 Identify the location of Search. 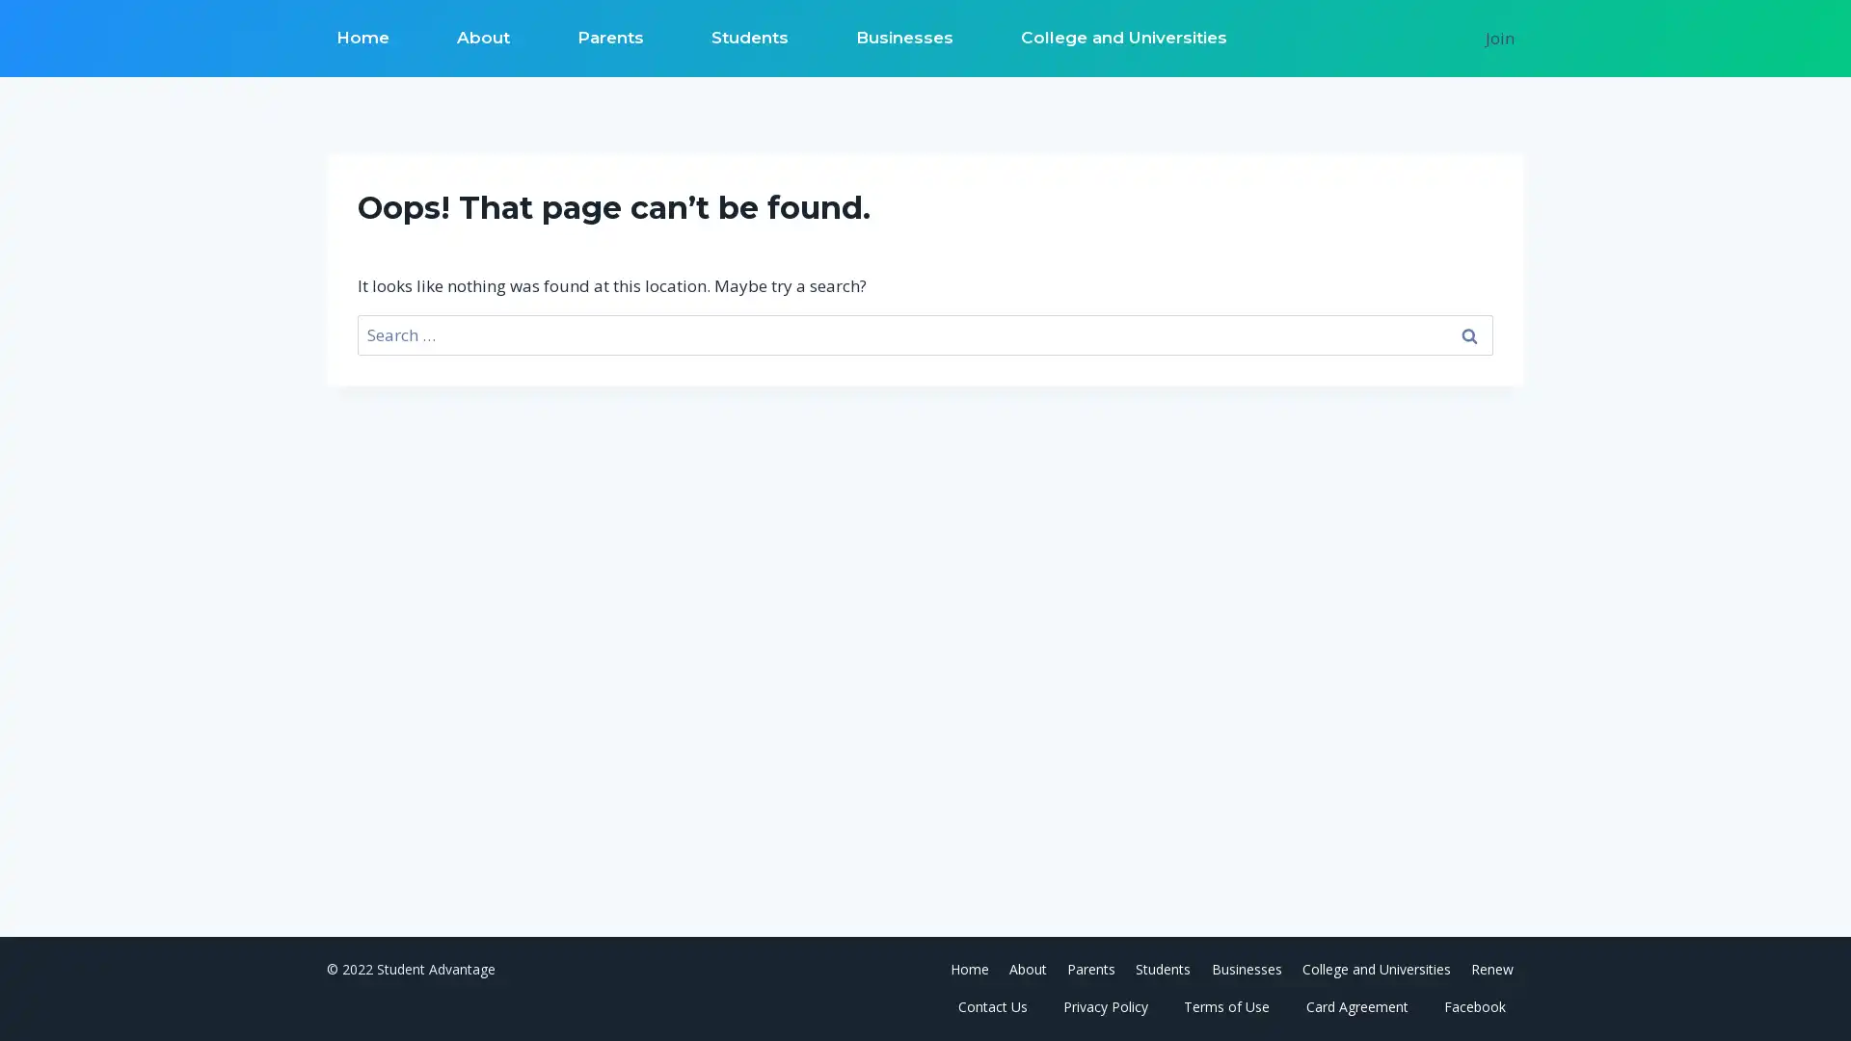
(1467, 334).